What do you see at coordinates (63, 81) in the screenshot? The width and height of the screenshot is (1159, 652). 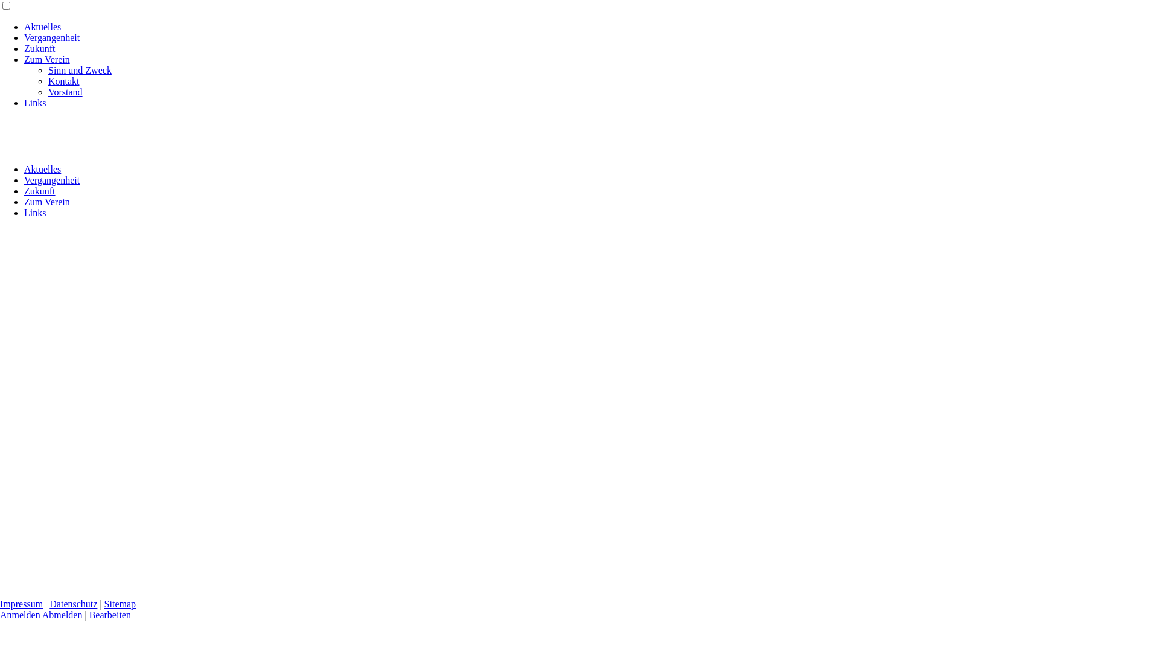 I see `'Kontakt'` at bounding box center [63, 81].